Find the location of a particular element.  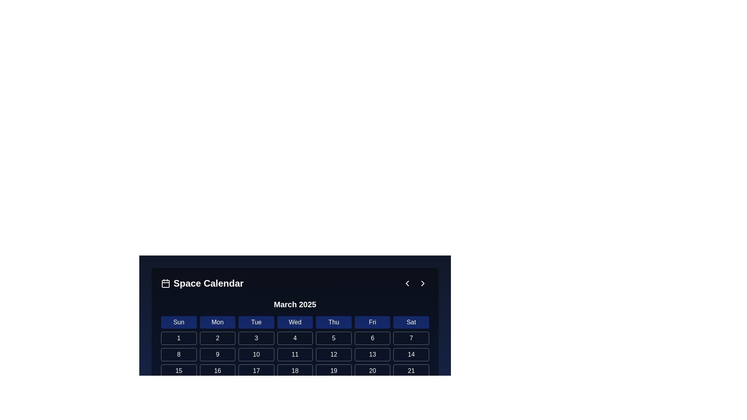

to select the date cell located in the sixth row and third column of the March 2025 calendar, under the 'Tue' header is located at coordinates (256, 370).